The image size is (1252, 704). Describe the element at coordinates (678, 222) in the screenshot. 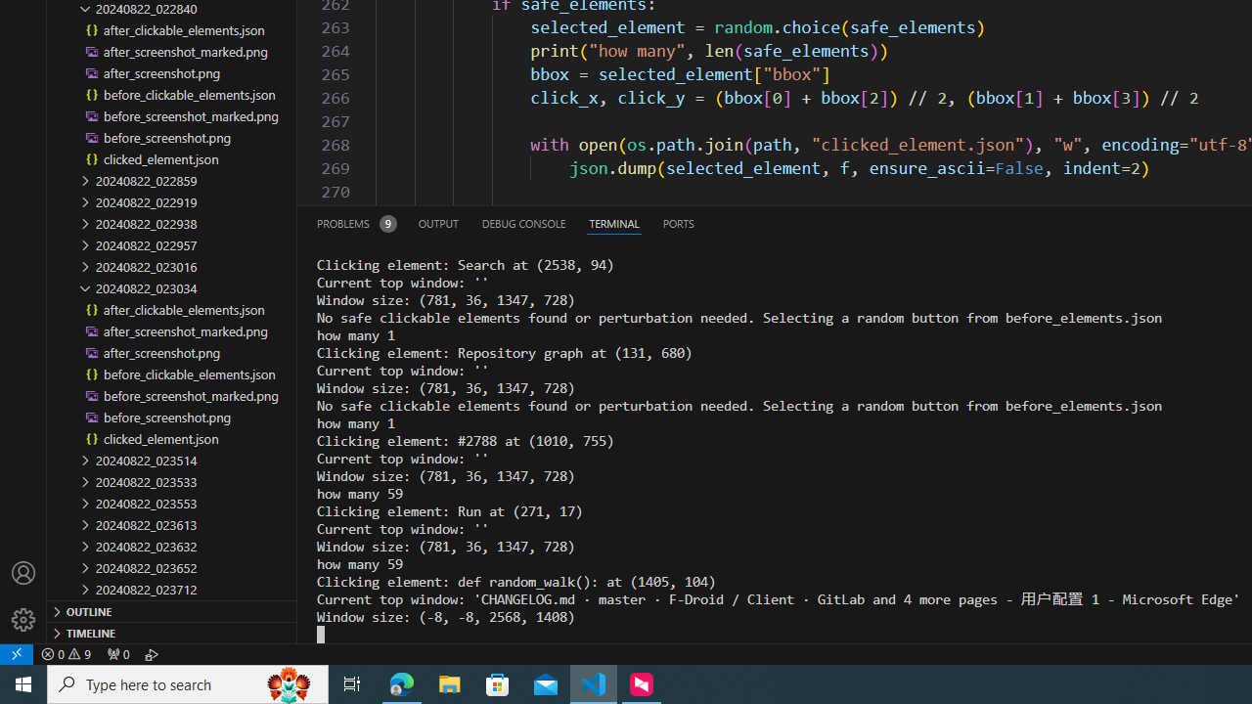

I see `'Ports'` at that location.